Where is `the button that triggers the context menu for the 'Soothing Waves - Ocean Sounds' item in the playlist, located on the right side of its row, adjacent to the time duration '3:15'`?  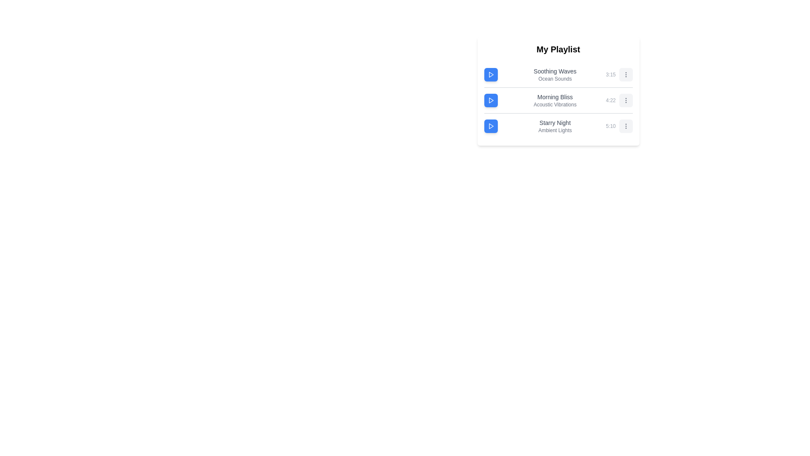
the button that triggers the context menu for the 'Soothing Waves - Ocean Sounds' item in the playlist, located on the right side of its row, adjacent to the time duration '3:15' is located at coordinates (626, 74).